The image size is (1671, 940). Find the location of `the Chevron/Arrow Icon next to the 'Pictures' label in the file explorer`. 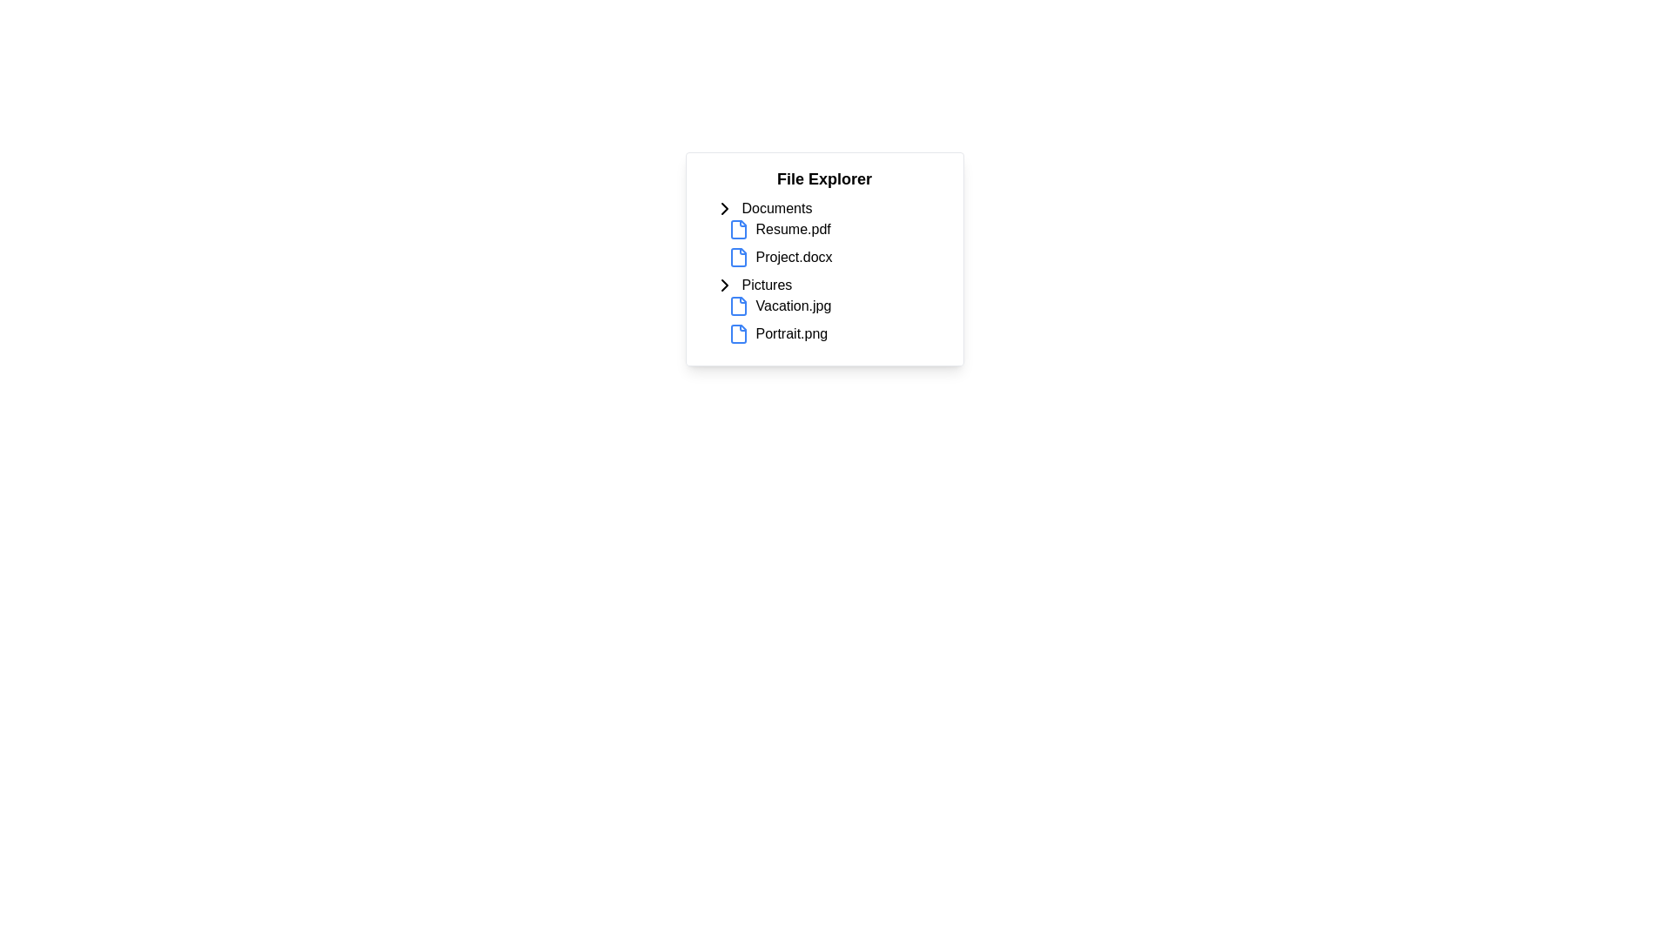

the Chevron/Arrow Icon next to the 'Pictures' label in the file explorer is located at coordinates (724, 284).